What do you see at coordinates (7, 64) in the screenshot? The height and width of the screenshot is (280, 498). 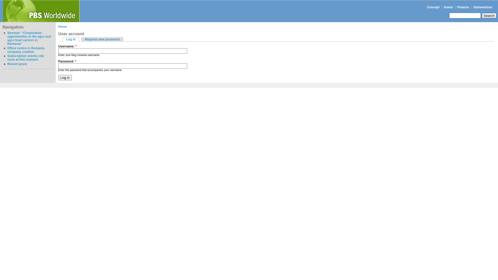 I see `'Recent posts'` at bounding box center [7, 64].